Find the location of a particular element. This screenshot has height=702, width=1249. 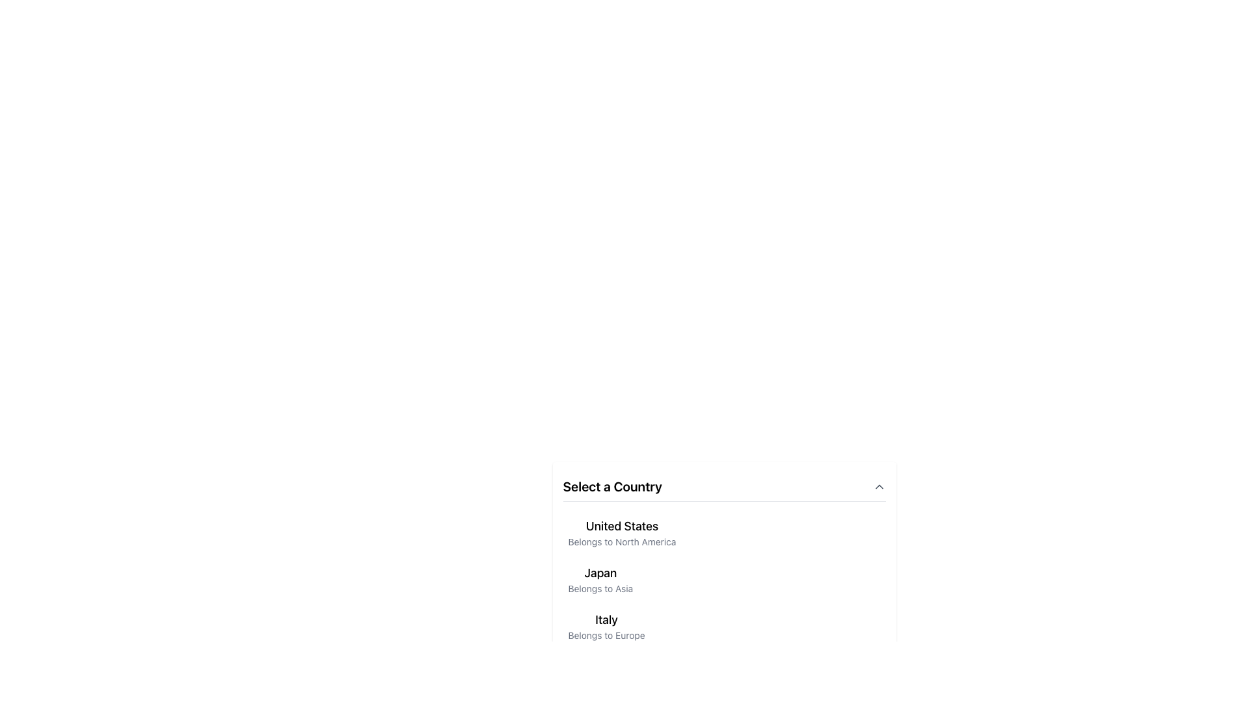

informational static text label indicating the region (North America) that complements 'United States', located directly below it is located at coordinates (621, 541).